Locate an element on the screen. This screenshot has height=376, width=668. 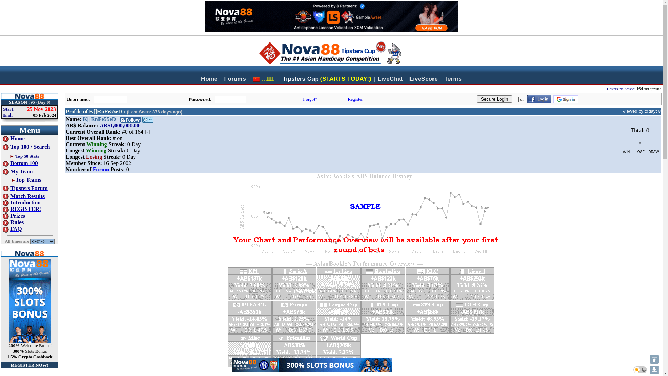
'Match Results' is located at coordinates (23, 196).